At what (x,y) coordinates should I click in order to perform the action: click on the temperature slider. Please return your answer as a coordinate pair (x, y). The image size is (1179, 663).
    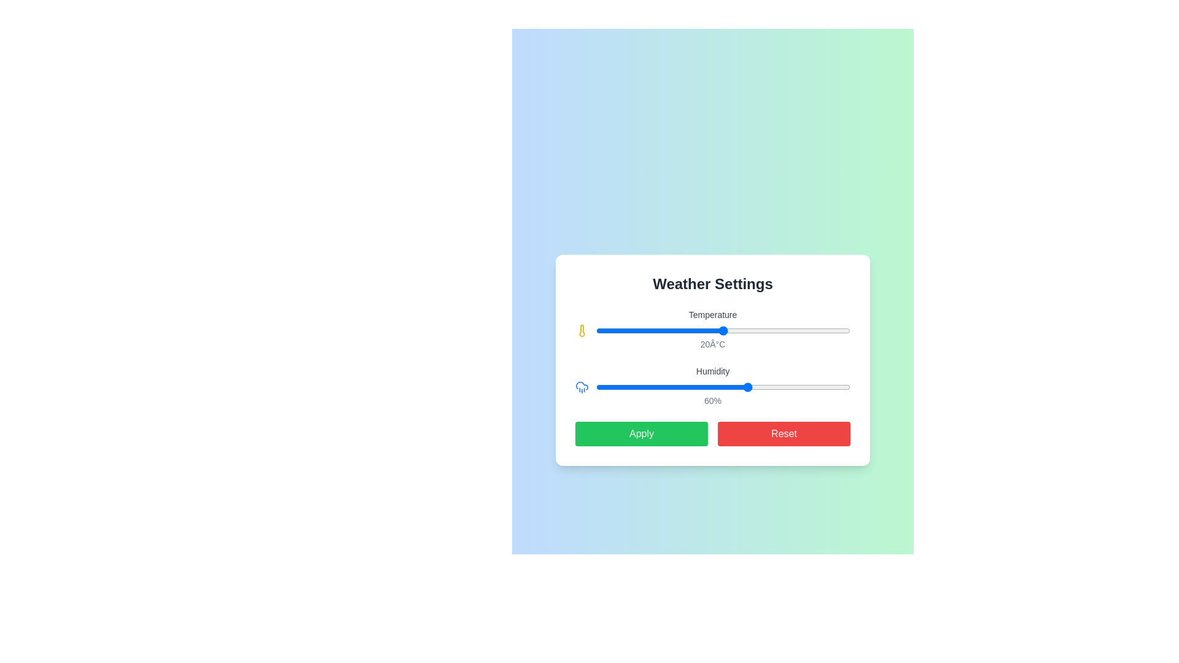
    Looking at the image, I should click on (793, 330).